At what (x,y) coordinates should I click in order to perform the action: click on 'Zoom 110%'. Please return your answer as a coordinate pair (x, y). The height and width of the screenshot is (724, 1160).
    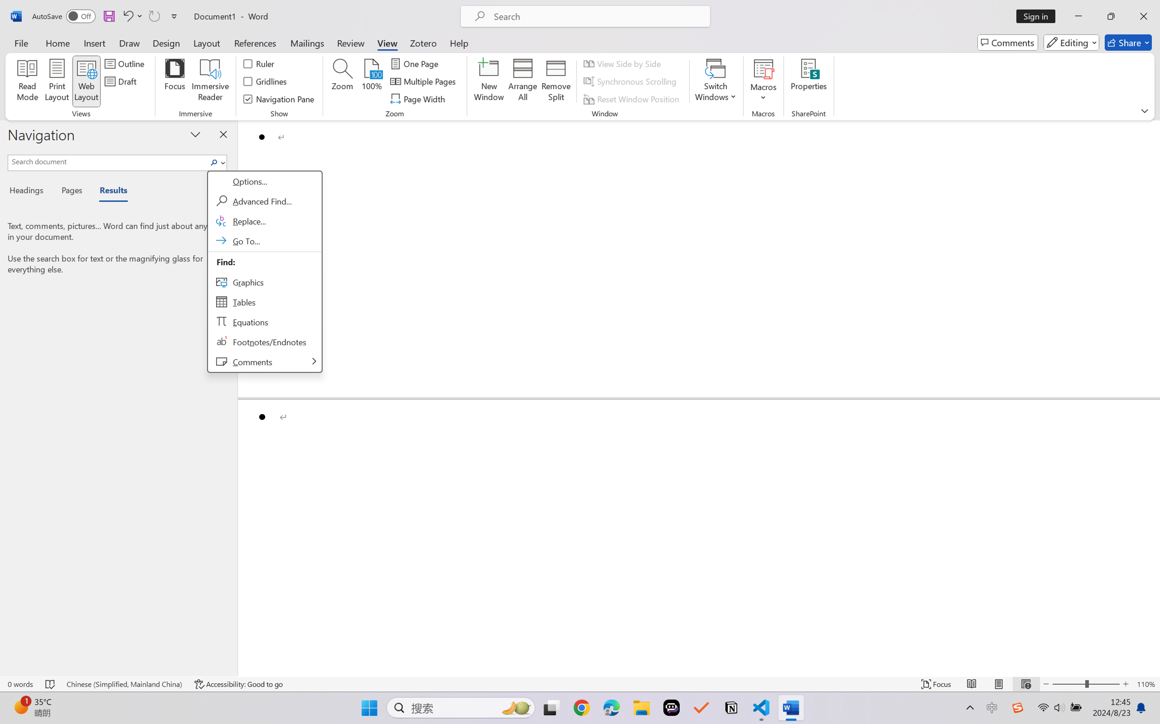
    Looking at the image, I should click on (1146, 684).